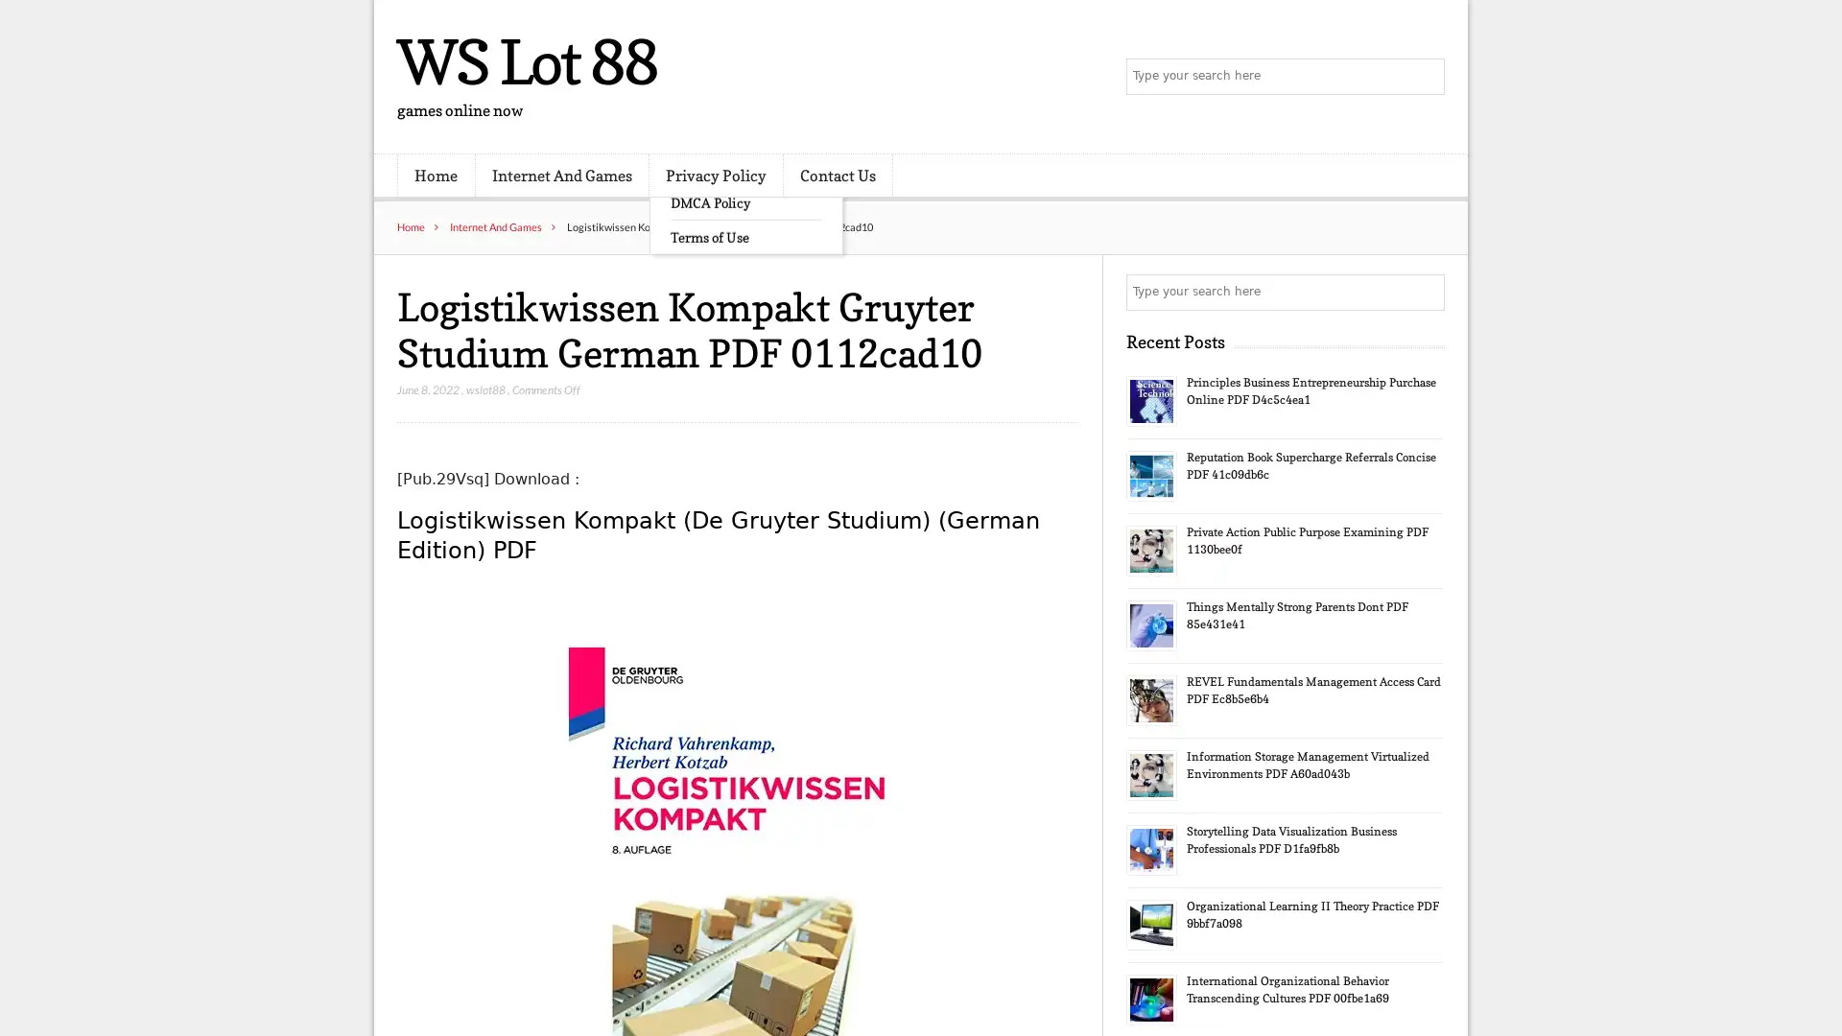  What do you see at coordinates (1425, 292) in the screenshot?
I see `Search` at bounding box center [1425, 292].